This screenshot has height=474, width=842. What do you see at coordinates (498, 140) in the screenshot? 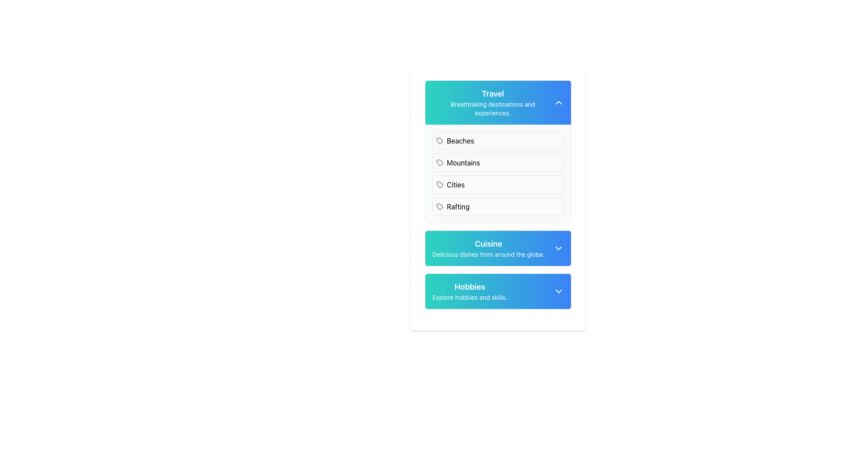
I see `the non-interactive list item representing the category 'Beaches' in the 'Travel' section, which is the first item in a vertical list` at bounding box center [498, 140].